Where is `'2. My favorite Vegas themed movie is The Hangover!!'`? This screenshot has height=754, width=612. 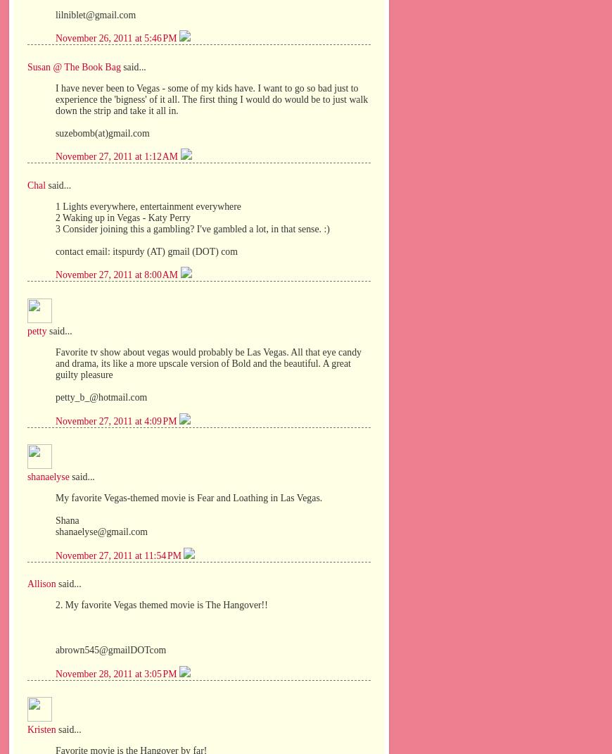
'2. My favorite Vegas themed movie is The Hangover!!' is located at coordinates (161, 604).